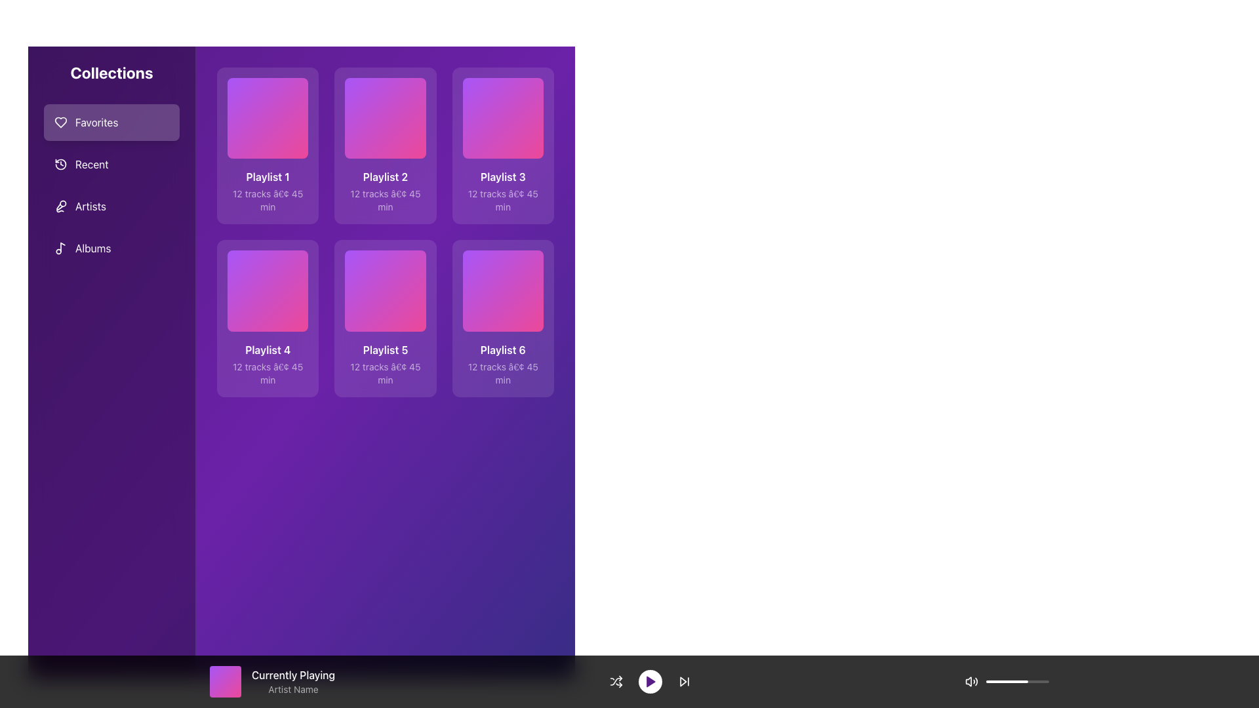 The image size is (1259, 708). I want to click on the metadata text label that indicates the number of tracks and total duration in the first playlist card, located directly underneath the title 'Playlist 1', so click(267, 201).